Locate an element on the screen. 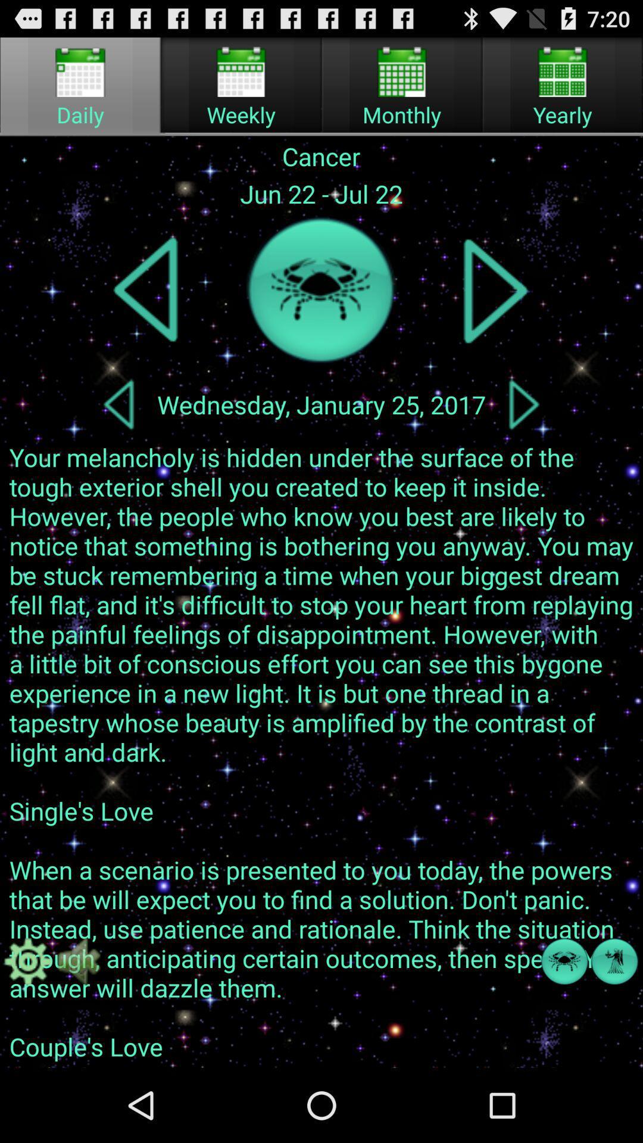 Image resolution: width=643 pixels, height=1143 pixels. next is located at coordinates (495, 290).